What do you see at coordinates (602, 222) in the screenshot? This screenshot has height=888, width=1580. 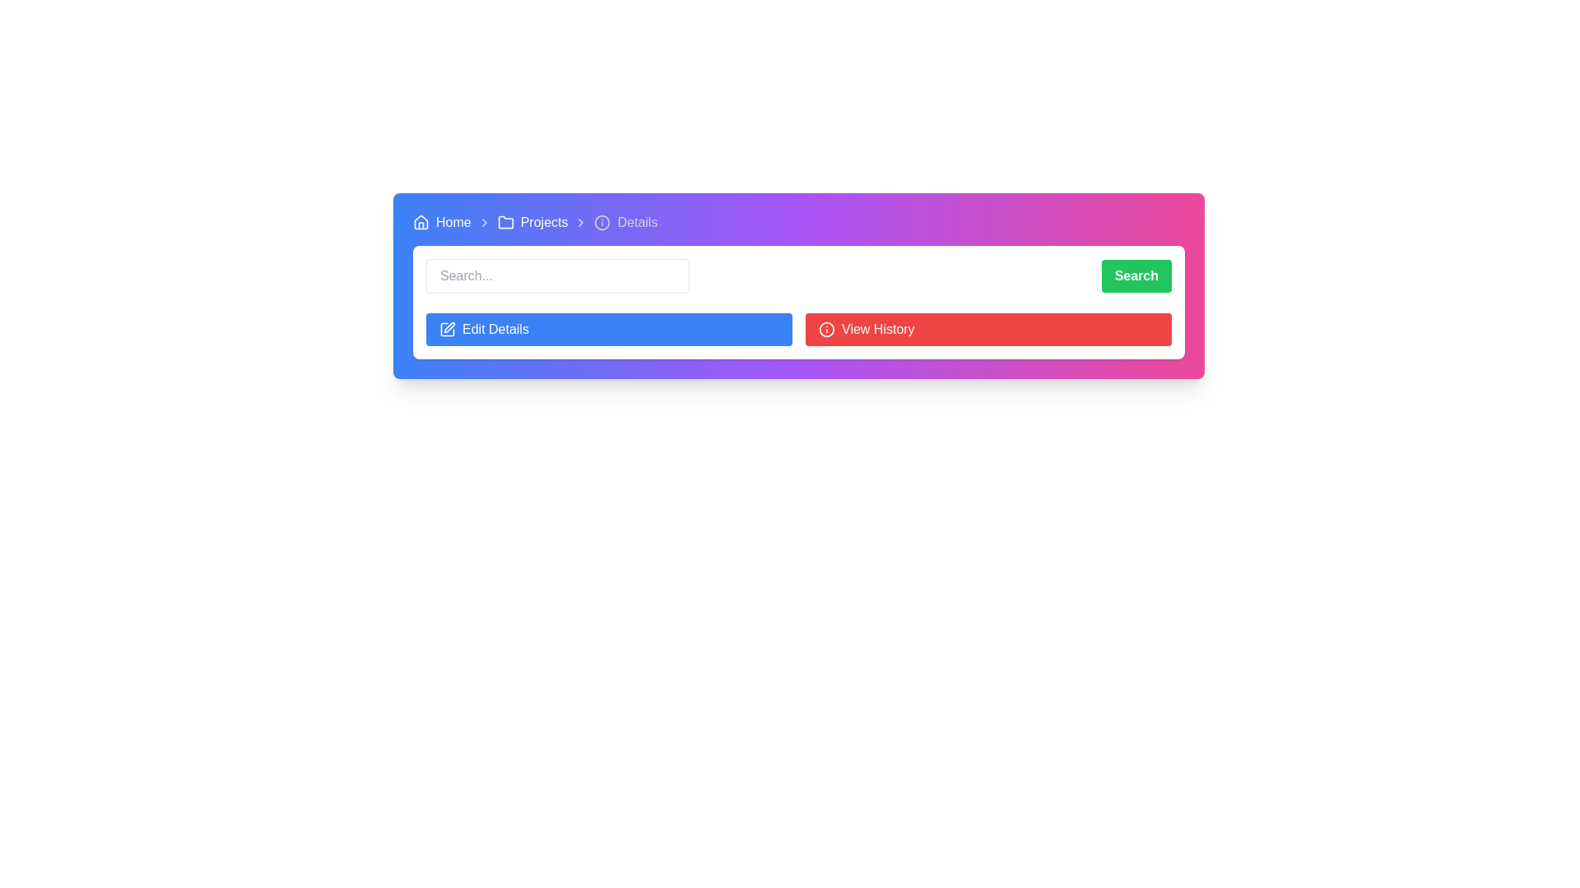 I see `the small circular graphical element in the SVG icon located between the 'Projects' and 'Details' breadcrumb links in the top navigation bar` at bounding box center [602, 222].